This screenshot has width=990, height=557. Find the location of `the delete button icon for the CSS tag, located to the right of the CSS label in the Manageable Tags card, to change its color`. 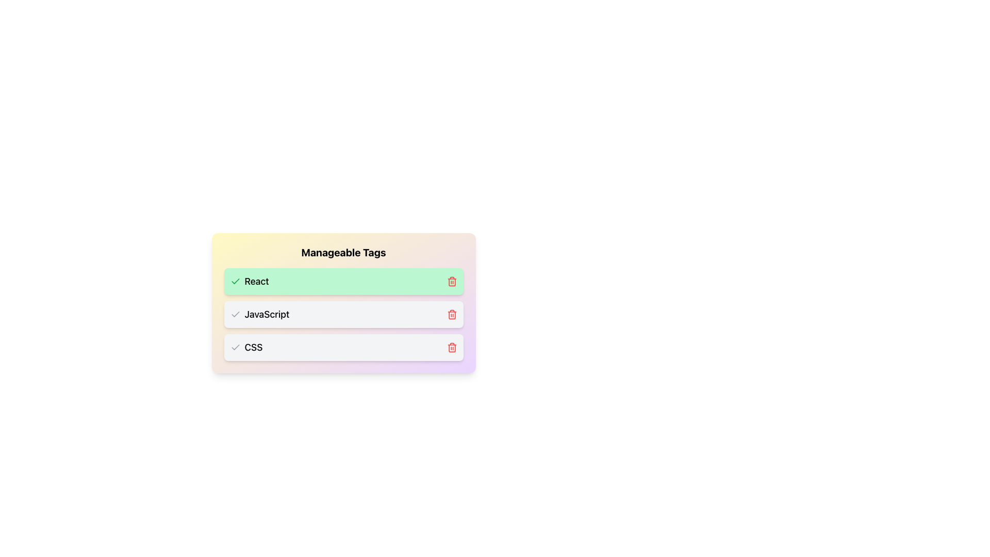

the delete button icon for the CSS tag, located to the right of the CSS label in the Manageable Tags card, to change its color is located at coordinates (452, 315).